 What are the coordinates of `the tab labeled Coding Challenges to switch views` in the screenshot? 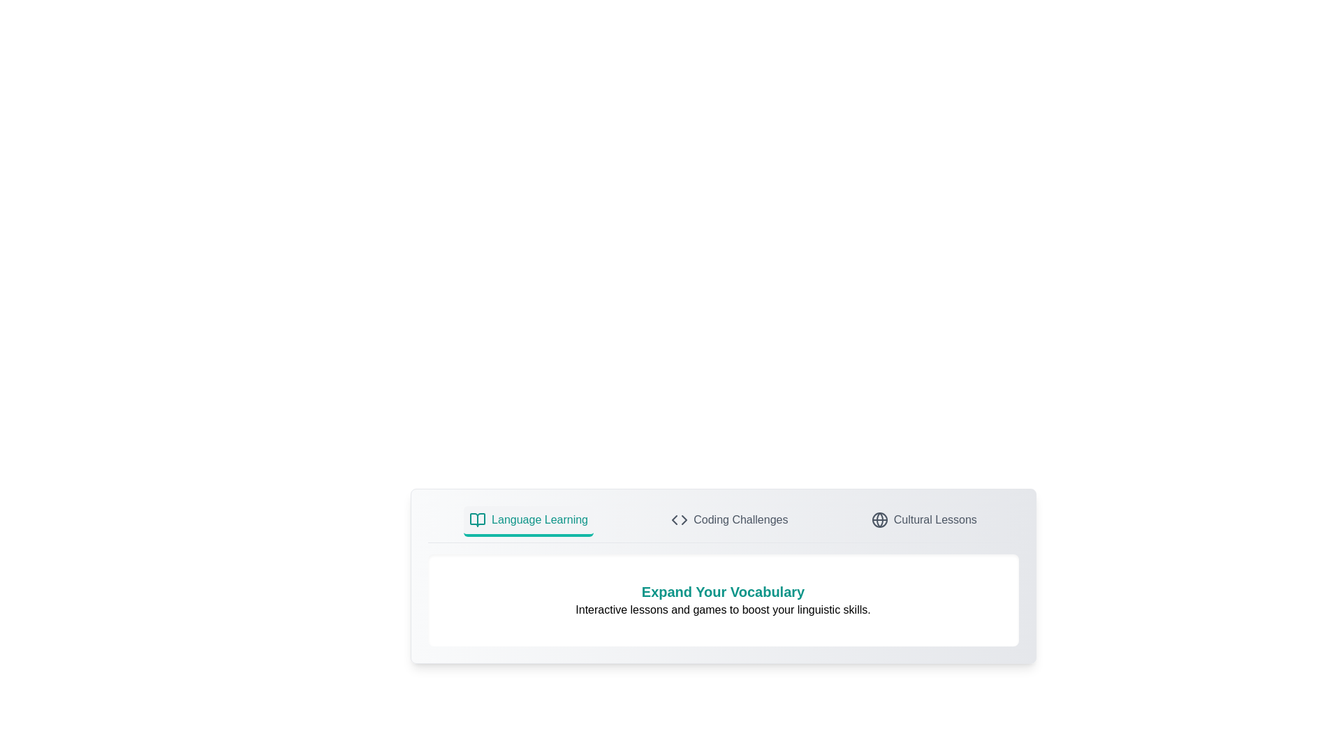 It's located at (728, 522).